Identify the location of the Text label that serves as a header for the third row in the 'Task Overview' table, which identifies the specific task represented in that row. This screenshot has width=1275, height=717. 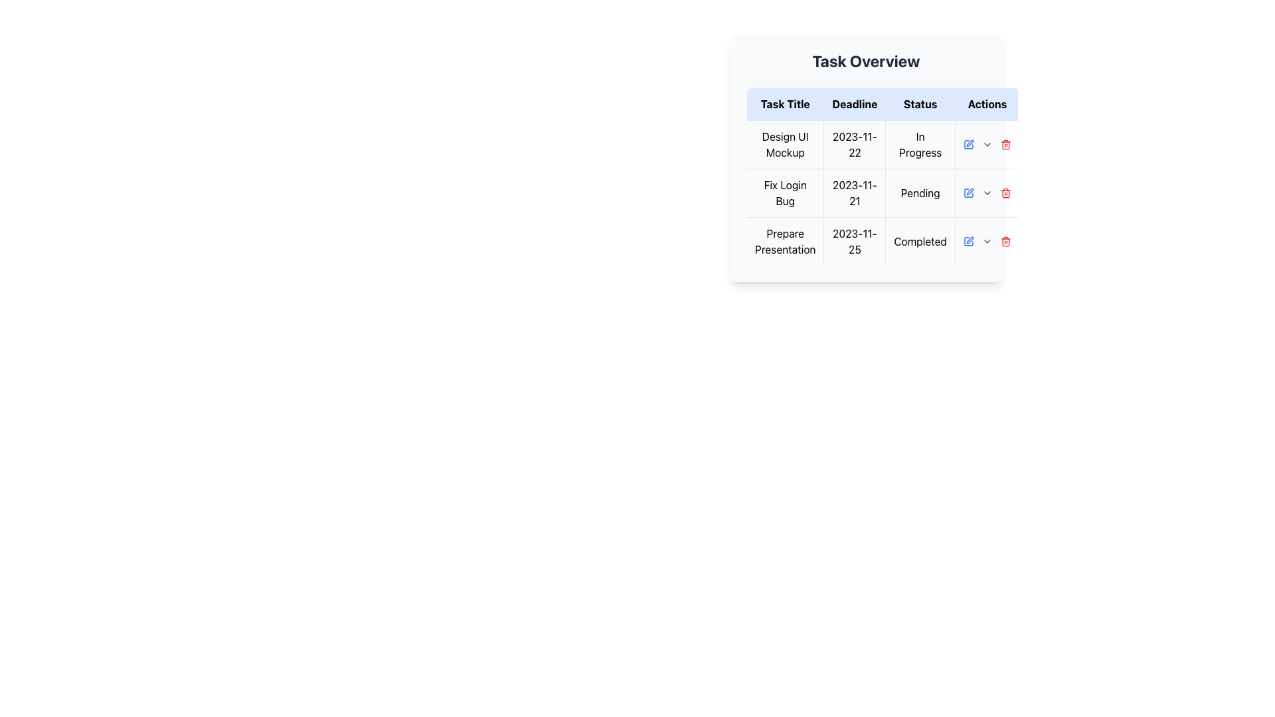
(785, 241).